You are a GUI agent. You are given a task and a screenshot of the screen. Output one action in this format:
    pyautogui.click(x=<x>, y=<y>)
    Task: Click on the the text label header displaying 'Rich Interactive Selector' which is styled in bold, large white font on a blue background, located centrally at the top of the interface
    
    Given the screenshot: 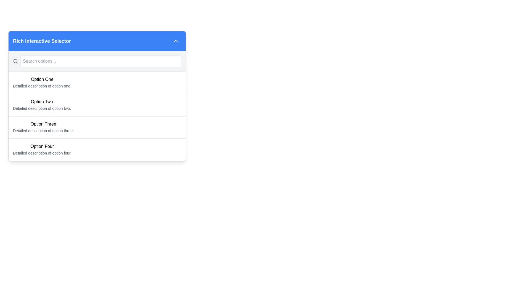 What is the action you would take?
    pyautogui.click(x=42, y=41)
    